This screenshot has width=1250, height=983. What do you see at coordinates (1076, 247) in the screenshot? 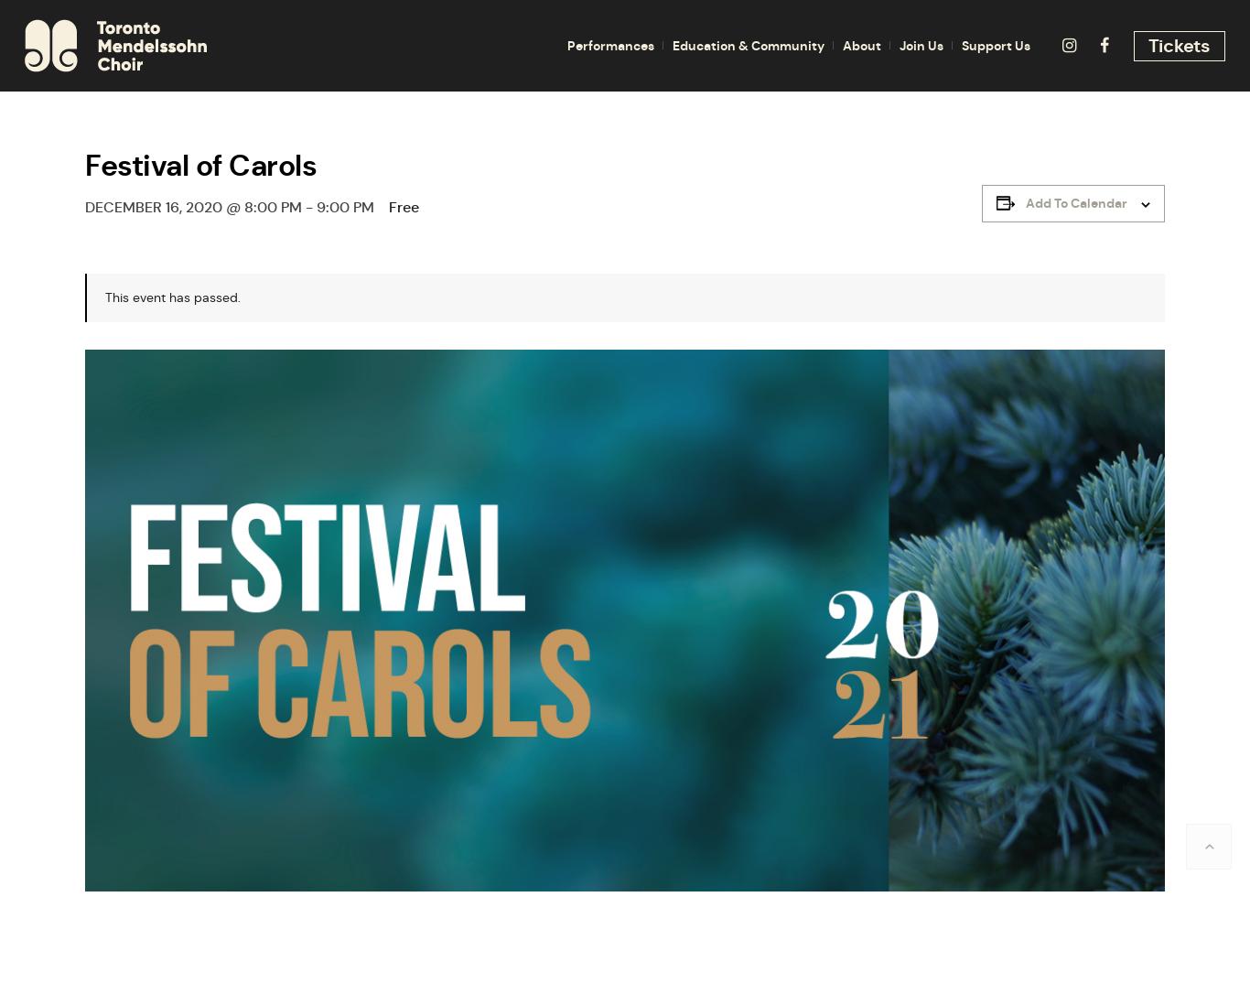
I see `'Program Notes'` at bounding box center [1076, 247].